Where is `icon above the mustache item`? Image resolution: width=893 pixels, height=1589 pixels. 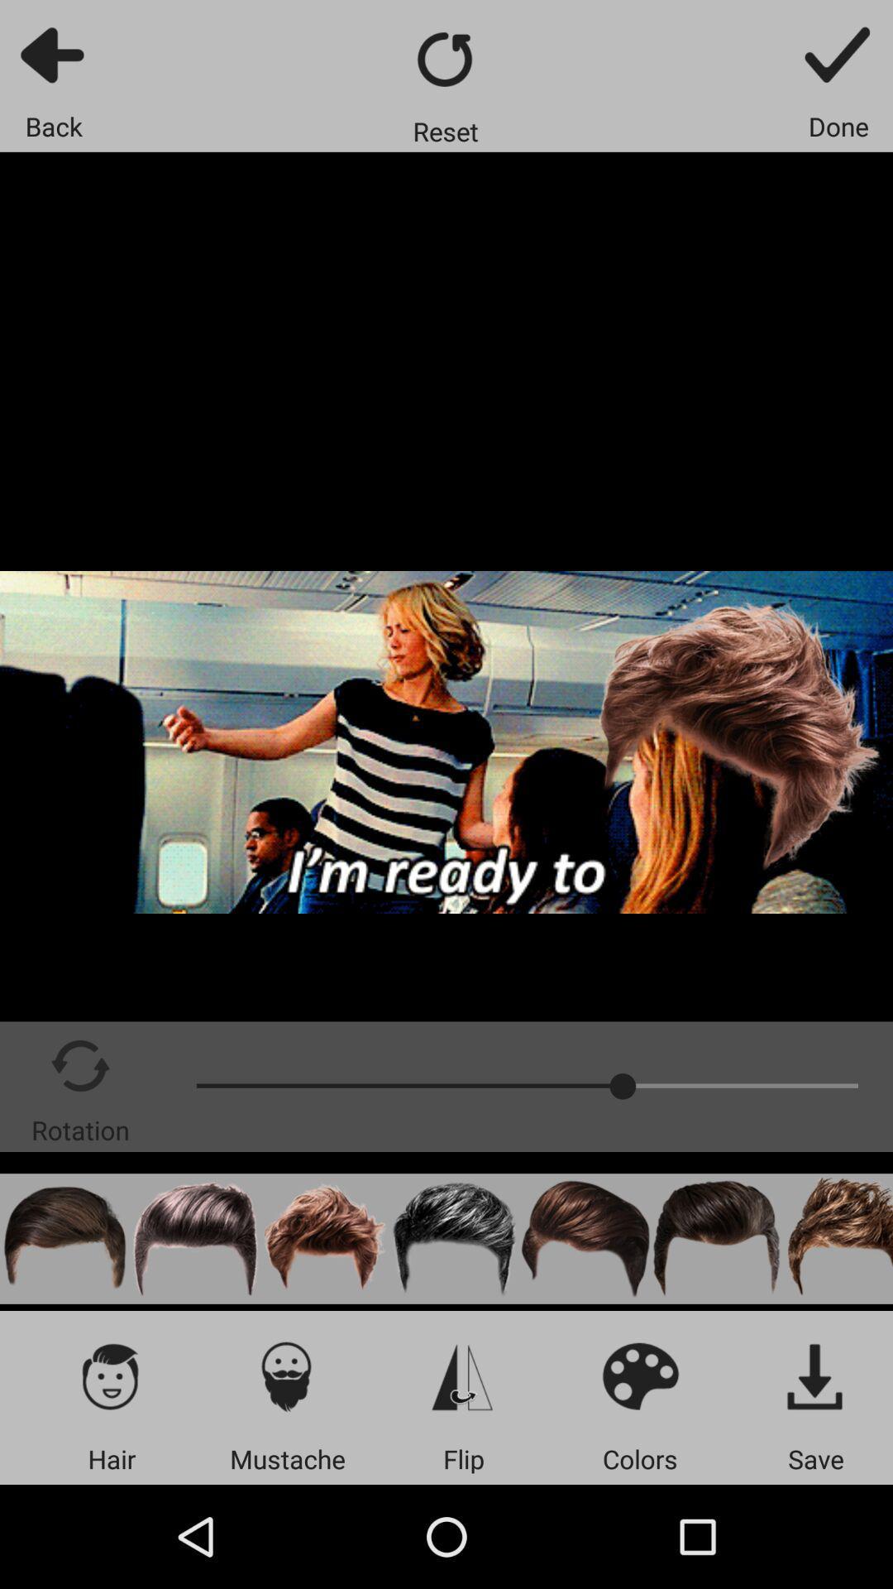 icon above the mustache item is located at coordinates (286, 1375).